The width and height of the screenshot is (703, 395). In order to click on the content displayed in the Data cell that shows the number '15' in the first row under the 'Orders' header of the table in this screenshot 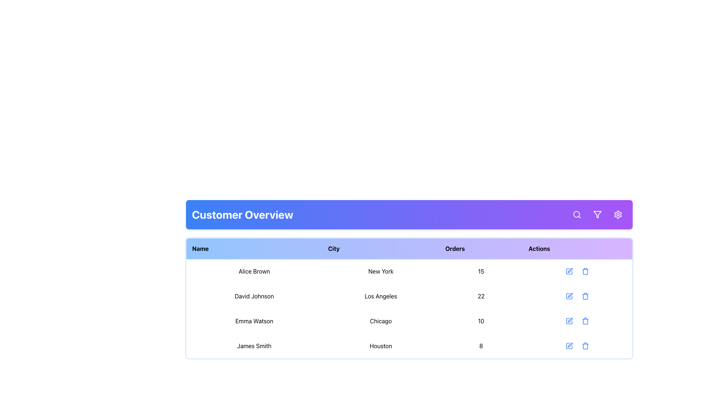, I will do `click(481, 271)`.